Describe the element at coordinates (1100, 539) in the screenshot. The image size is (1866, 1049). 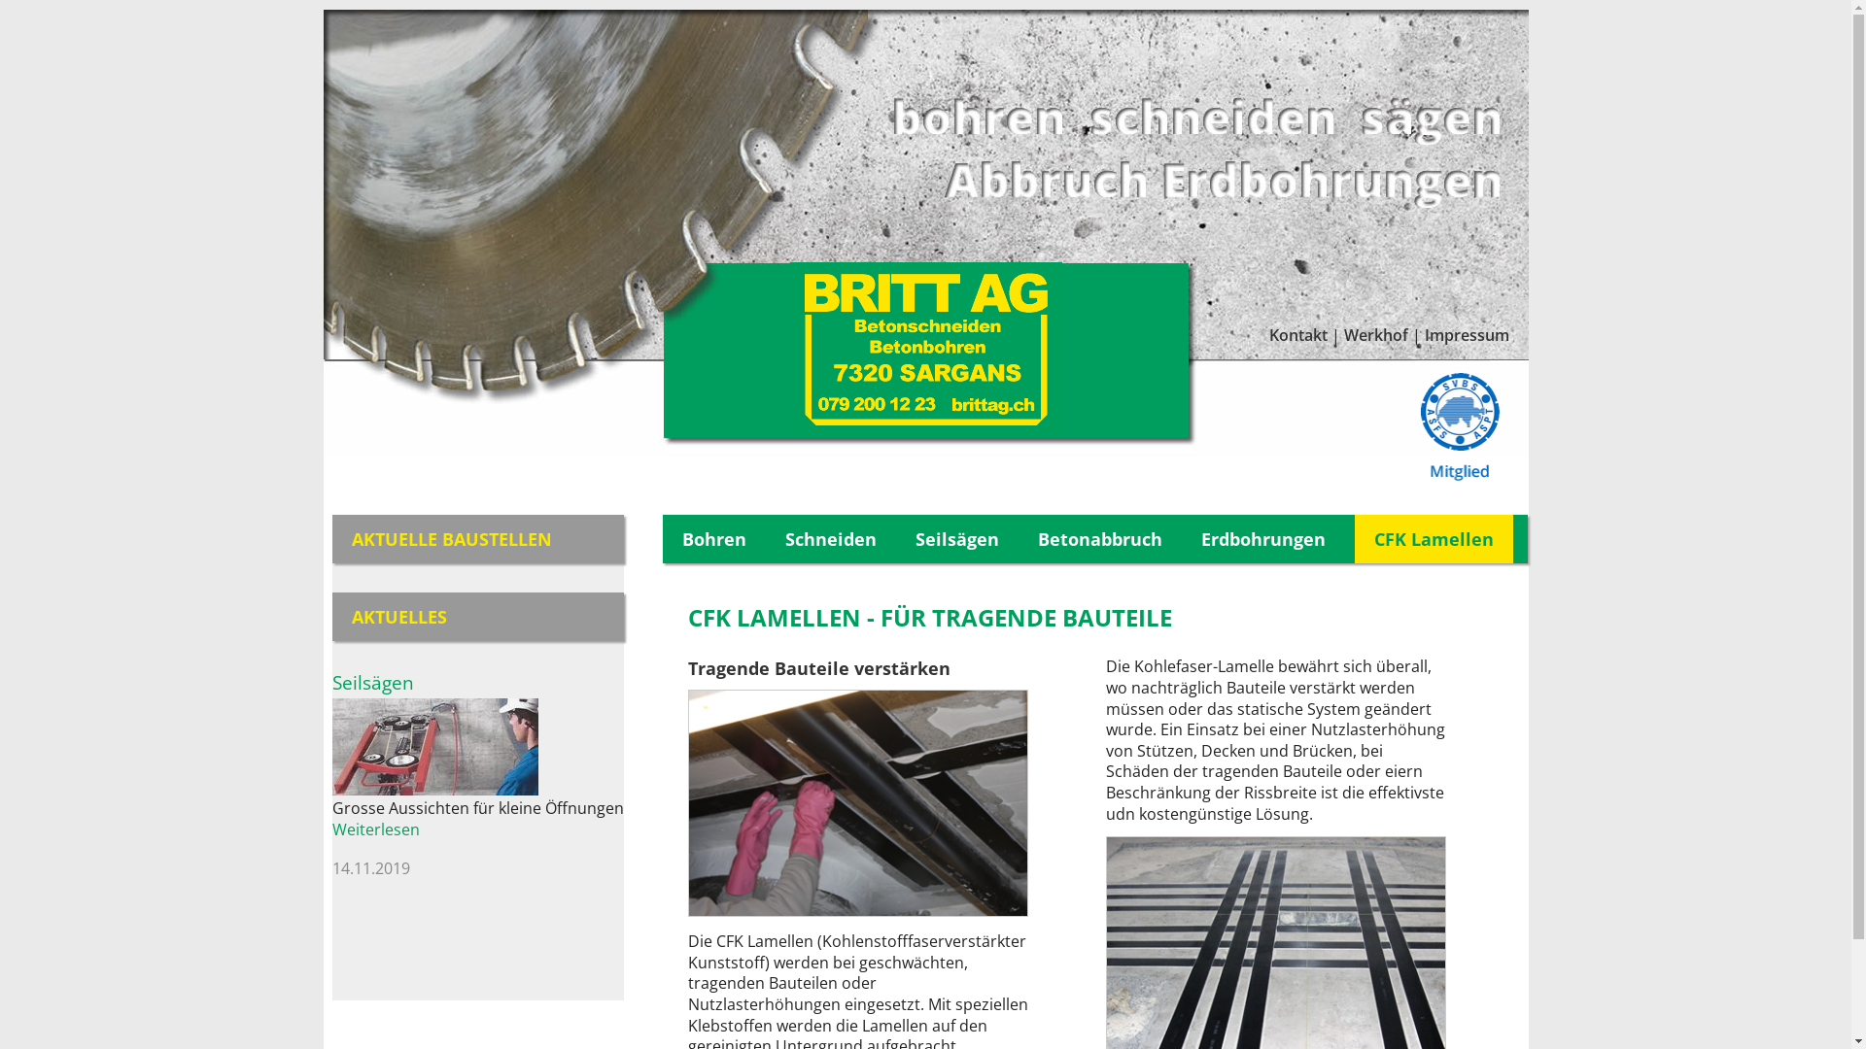
I see `'Betonabbruch'` at that location.